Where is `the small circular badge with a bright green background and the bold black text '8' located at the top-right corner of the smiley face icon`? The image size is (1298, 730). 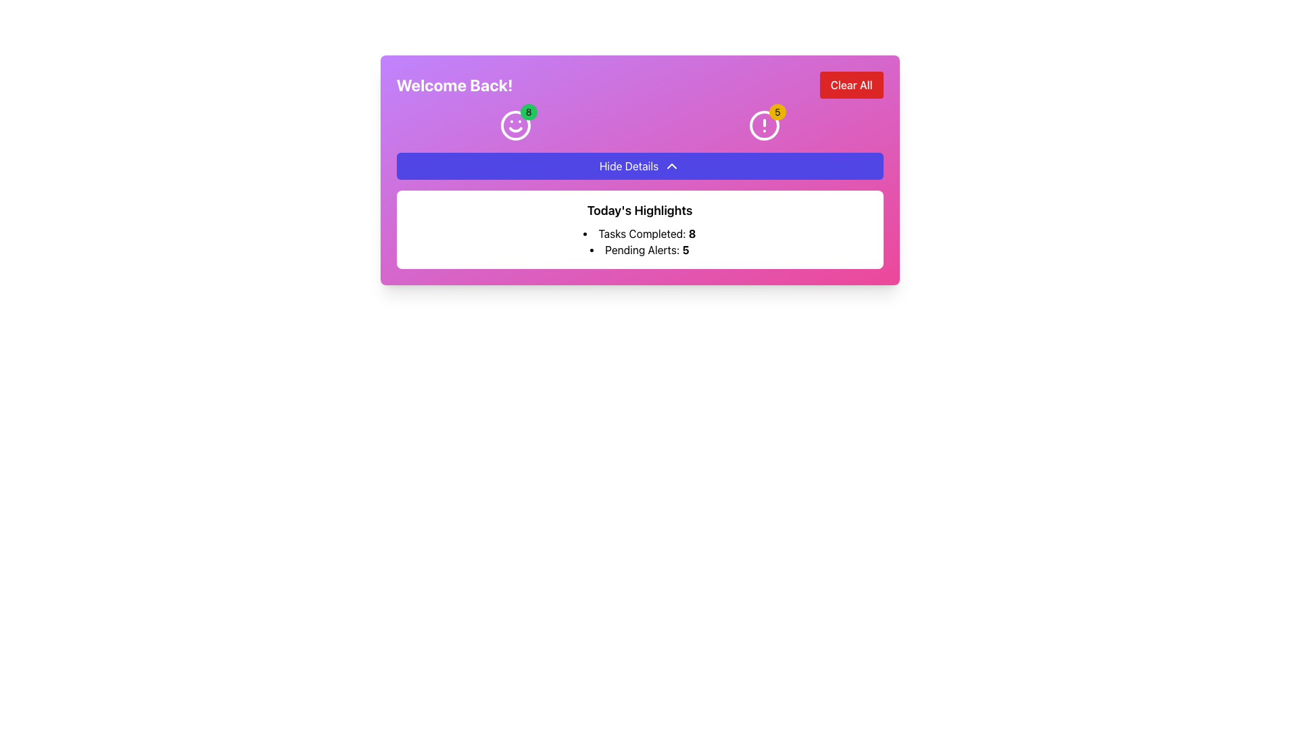
the small circular badge with a bright green background and the bold black text '8' located at the top-right corner of the smiley face icon is located at coordinates (528, 111).